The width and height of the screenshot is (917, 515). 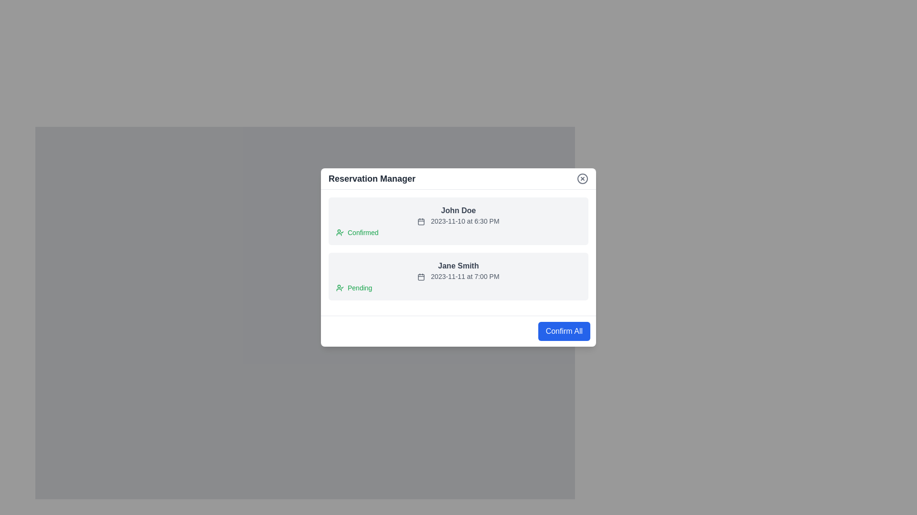 I want to click on the blue 'Confirm All' button with rounded corners in the footer of the 'Reservation Manager' modal, so click(x=564, y=330).